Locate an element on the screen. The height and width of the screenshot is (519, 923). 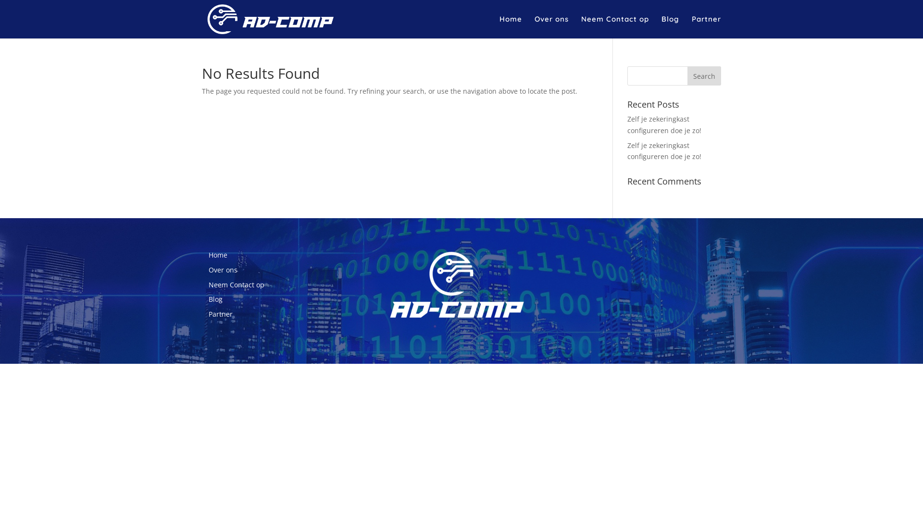
'Blog' is located at coordinates (215, 298).